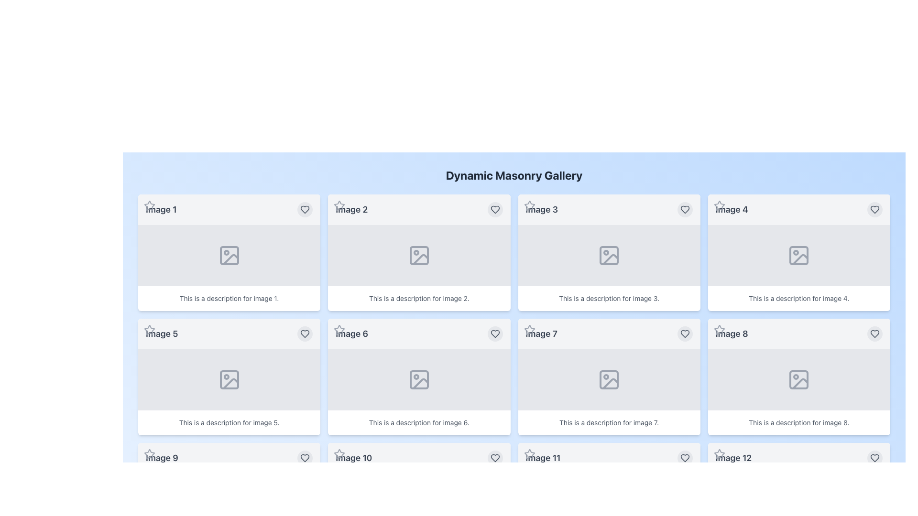 The image size is (918, 516). I want to click on the heart icon in the bottom-right corner of the card labeled 'Image 10', so click(495, 458).